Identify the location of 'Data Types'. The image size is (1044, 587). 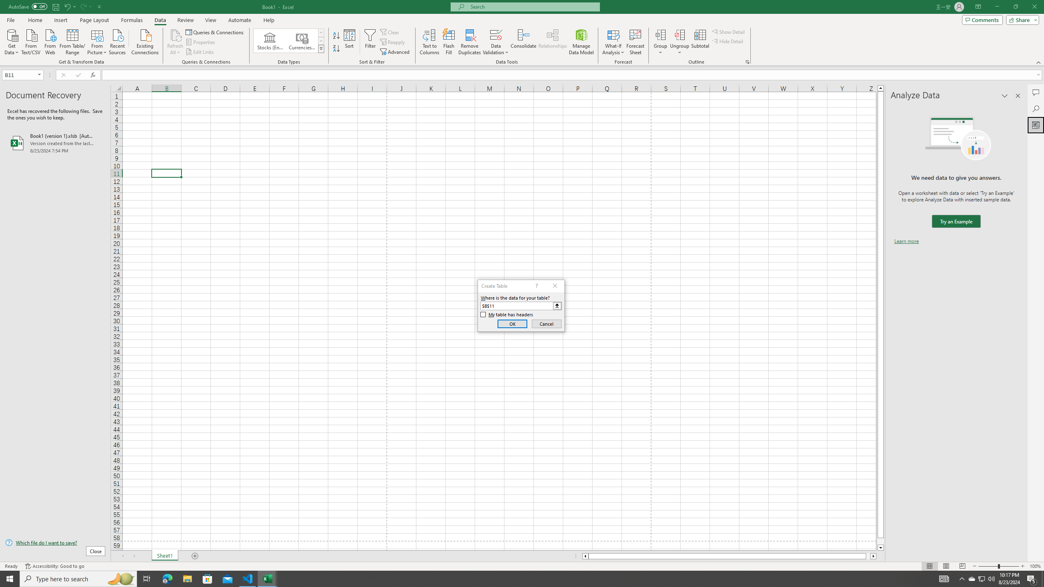
(321, 48).